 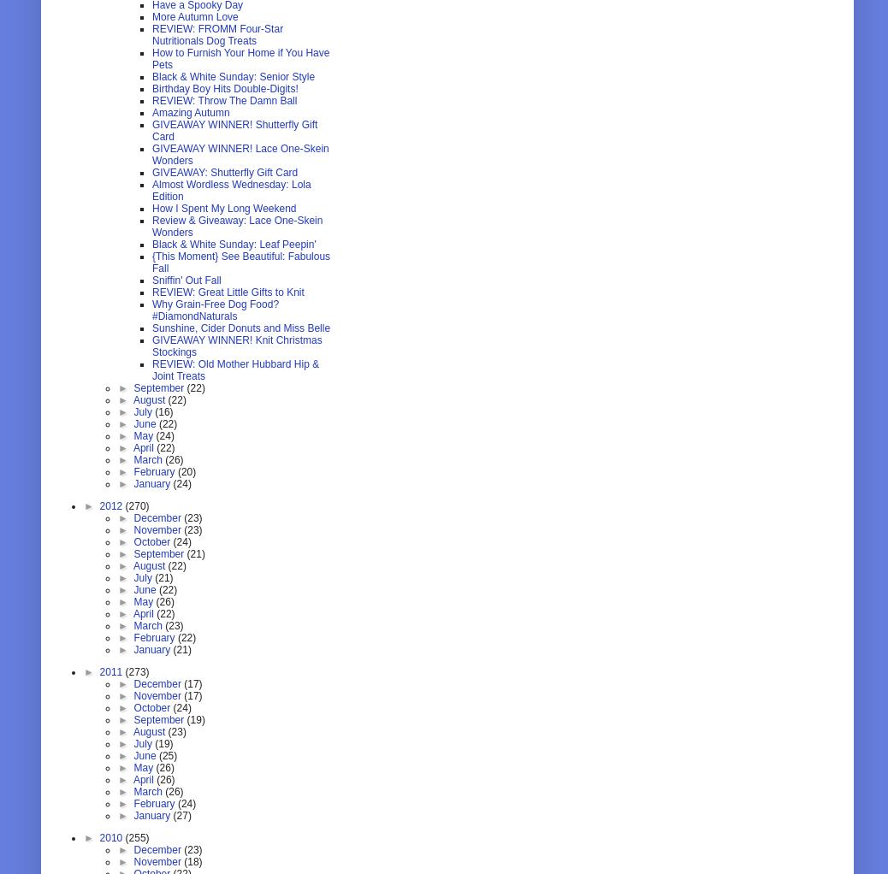 I want to click on '(16)', so click(x=163, y=411).